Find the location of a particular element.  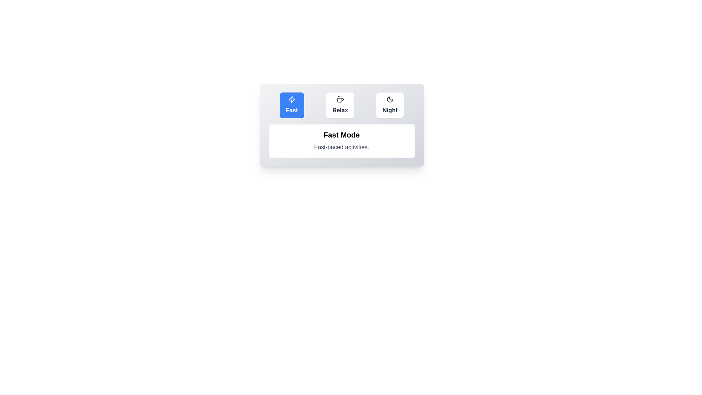

the 'Relax' button is located at coordinates (340, 105).